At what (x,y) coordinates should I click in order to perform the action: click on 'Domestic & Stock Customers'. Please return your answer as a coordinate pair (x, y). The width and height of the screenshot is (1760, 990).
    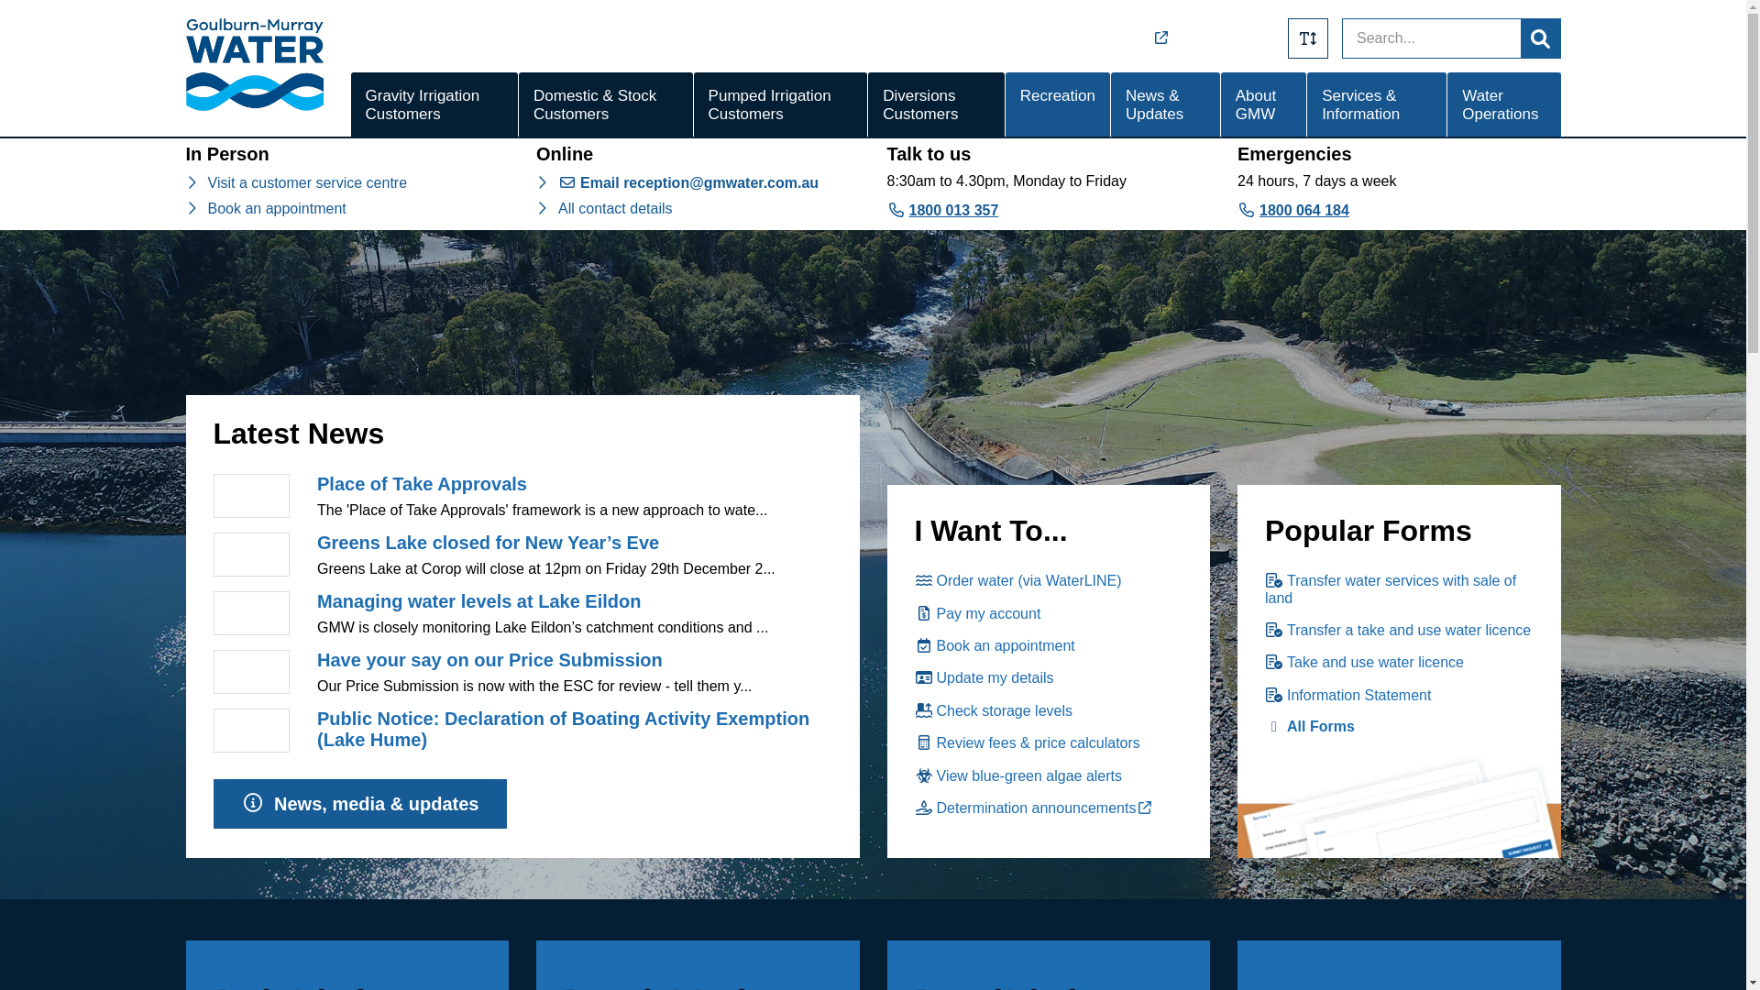
    Looking at the image, I should click on (606, 105).